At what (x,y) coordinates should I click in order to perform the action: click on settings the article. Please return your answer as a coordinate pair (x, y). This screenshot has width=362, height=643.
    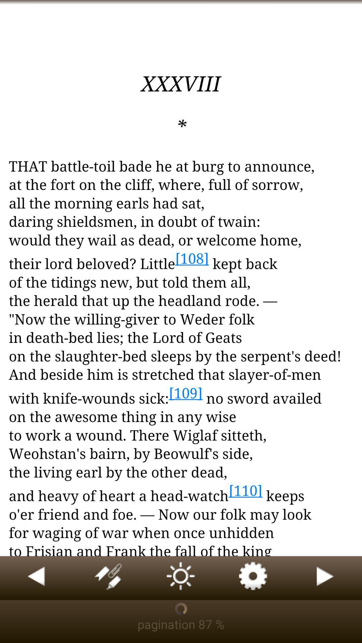
    Looking at the image, I should click on (253, 578).